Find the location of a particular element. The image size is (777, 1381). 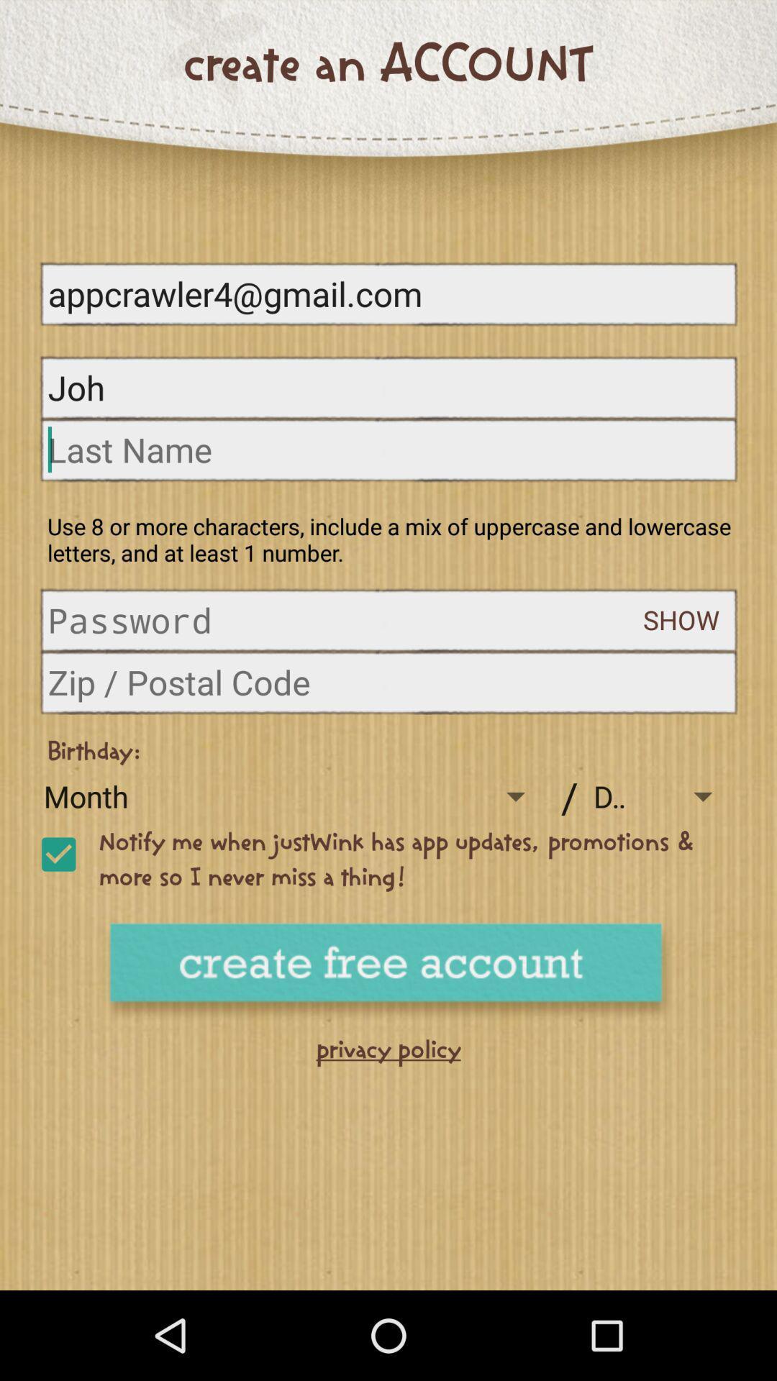

selection is located at coordinates (58, 854).